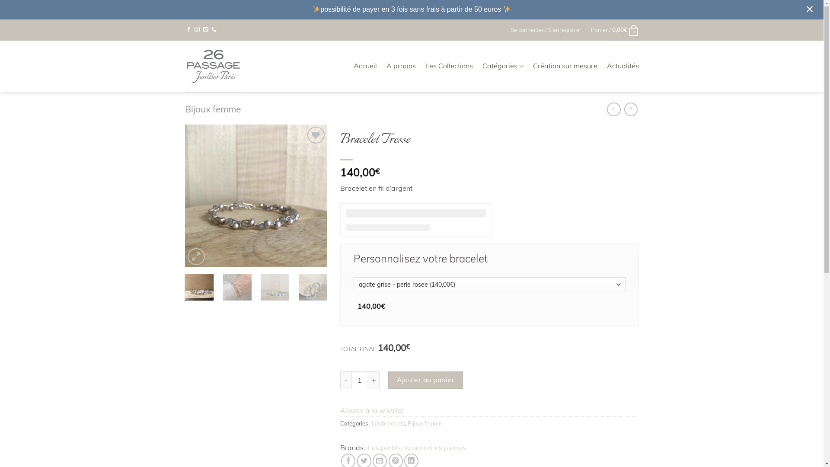  Describe the element at coordinates (388, 423) in the screenshot. I see `'Les bracelets'` at that location.